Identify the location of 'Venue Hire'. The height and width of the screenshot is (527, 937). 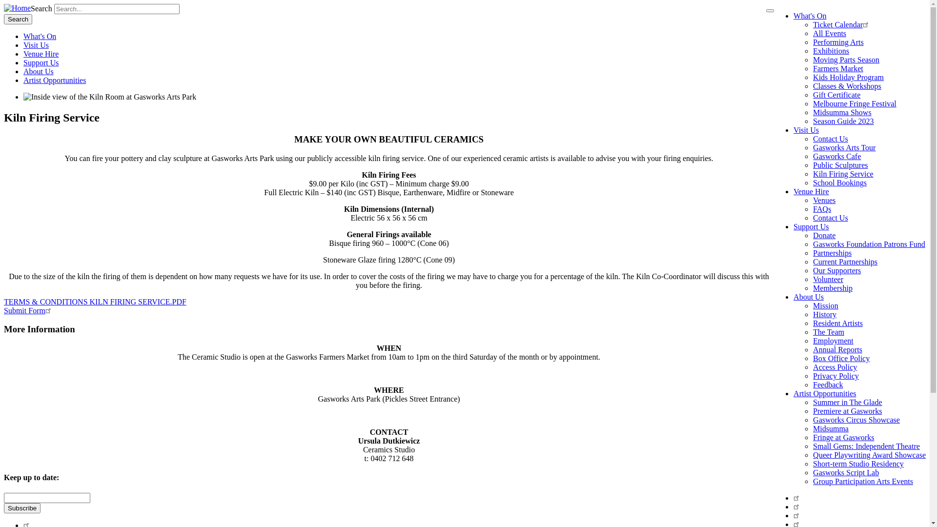
(794, 191).